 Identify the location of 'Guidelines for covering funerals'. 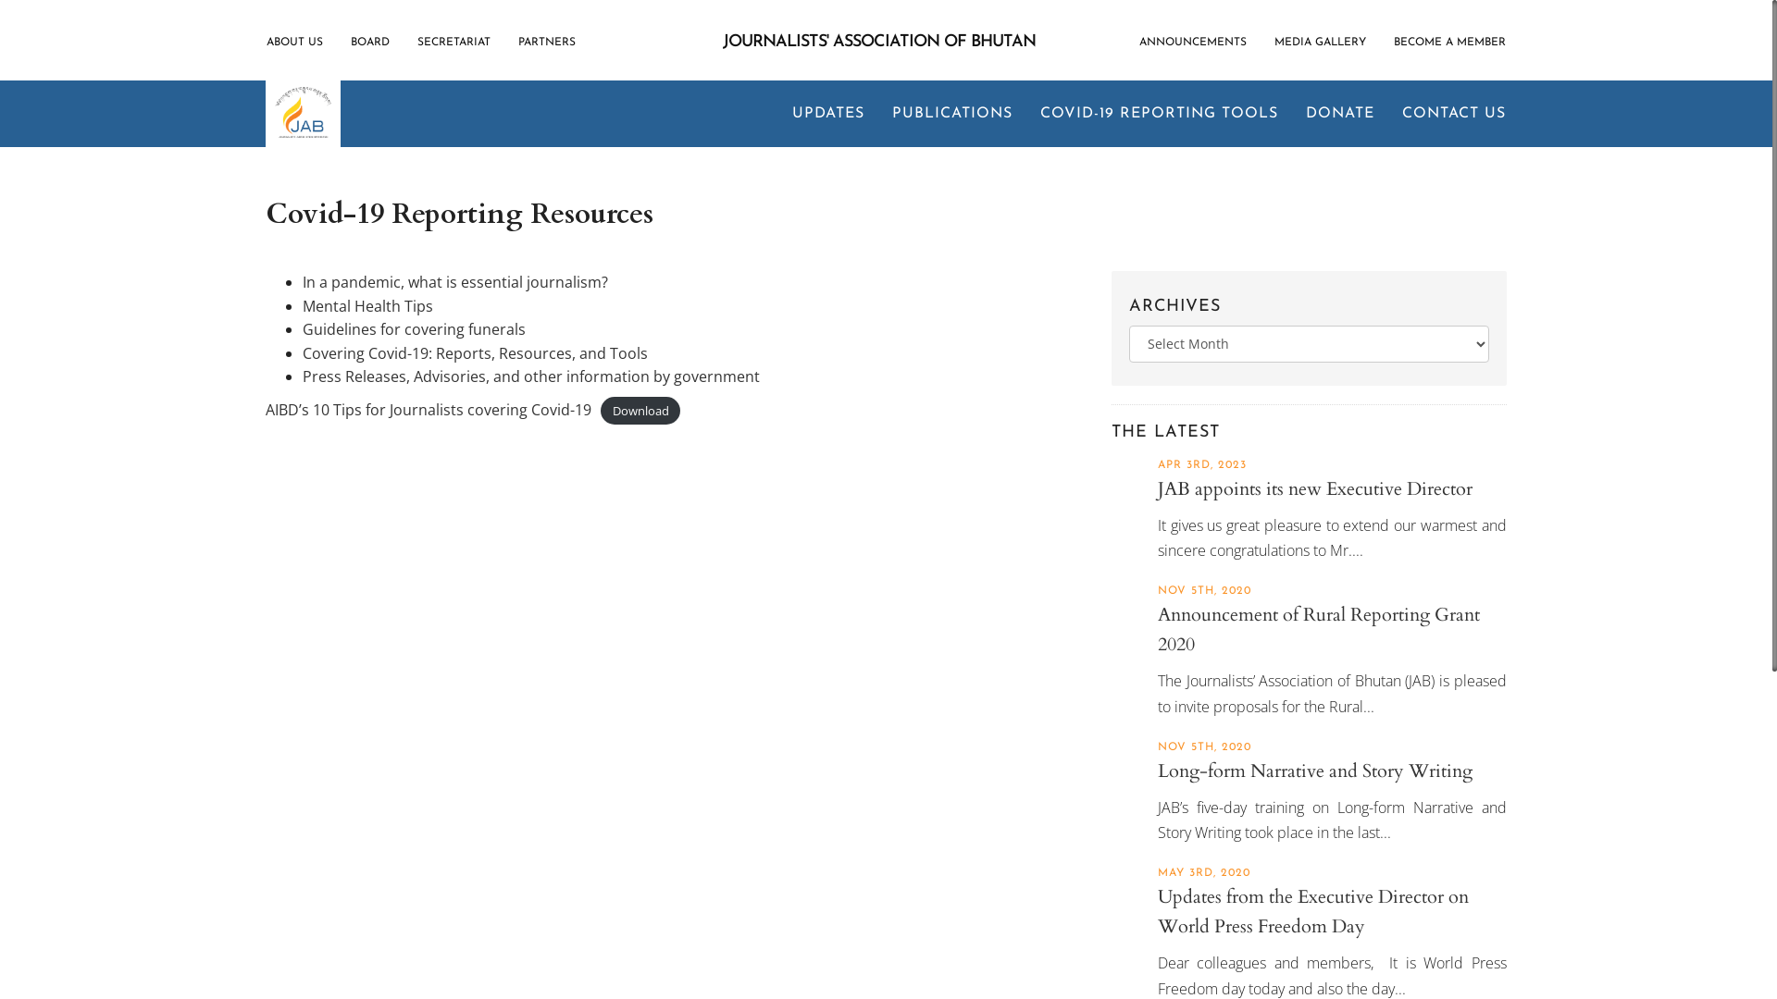
(302, 327).